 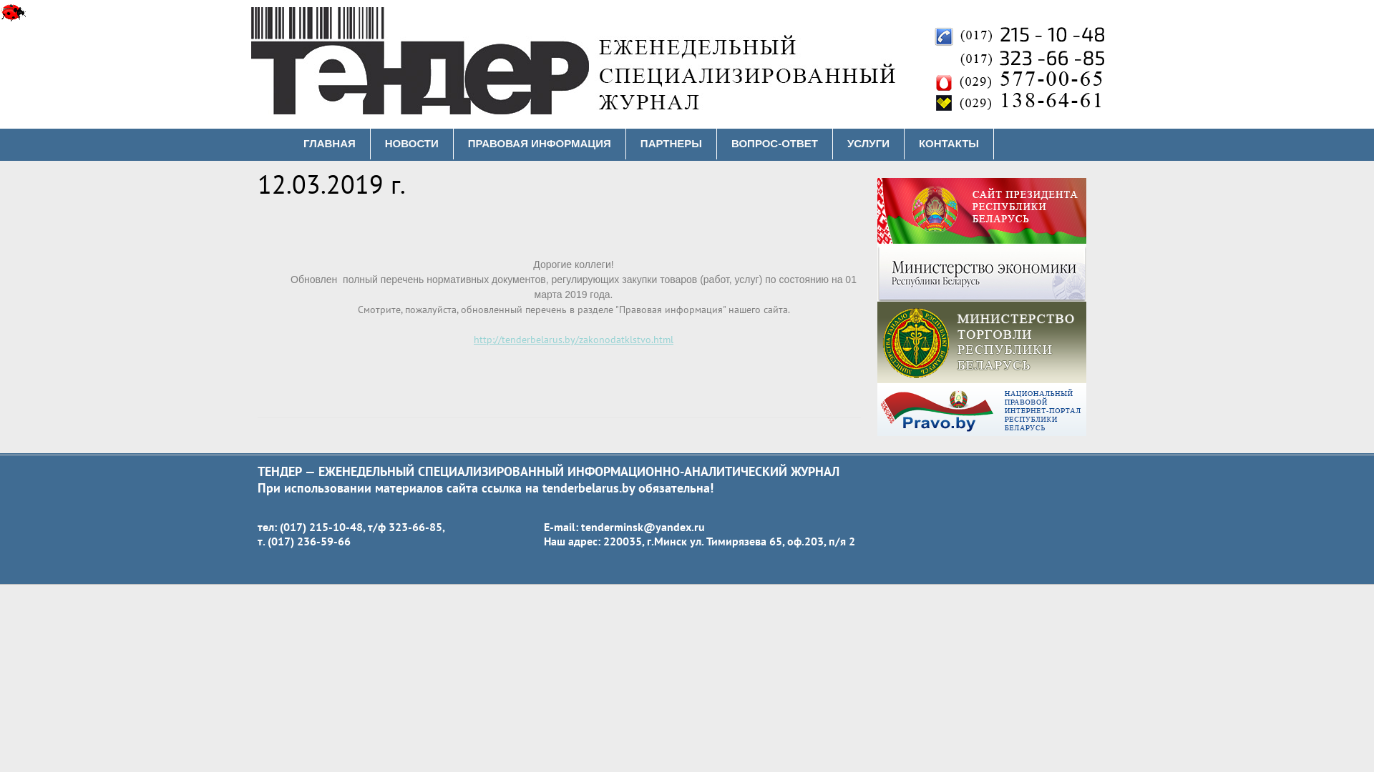 I want to click on 'http://tenderbelarus.by/zakonodatklstvo.html', so click(x=573, y=339).